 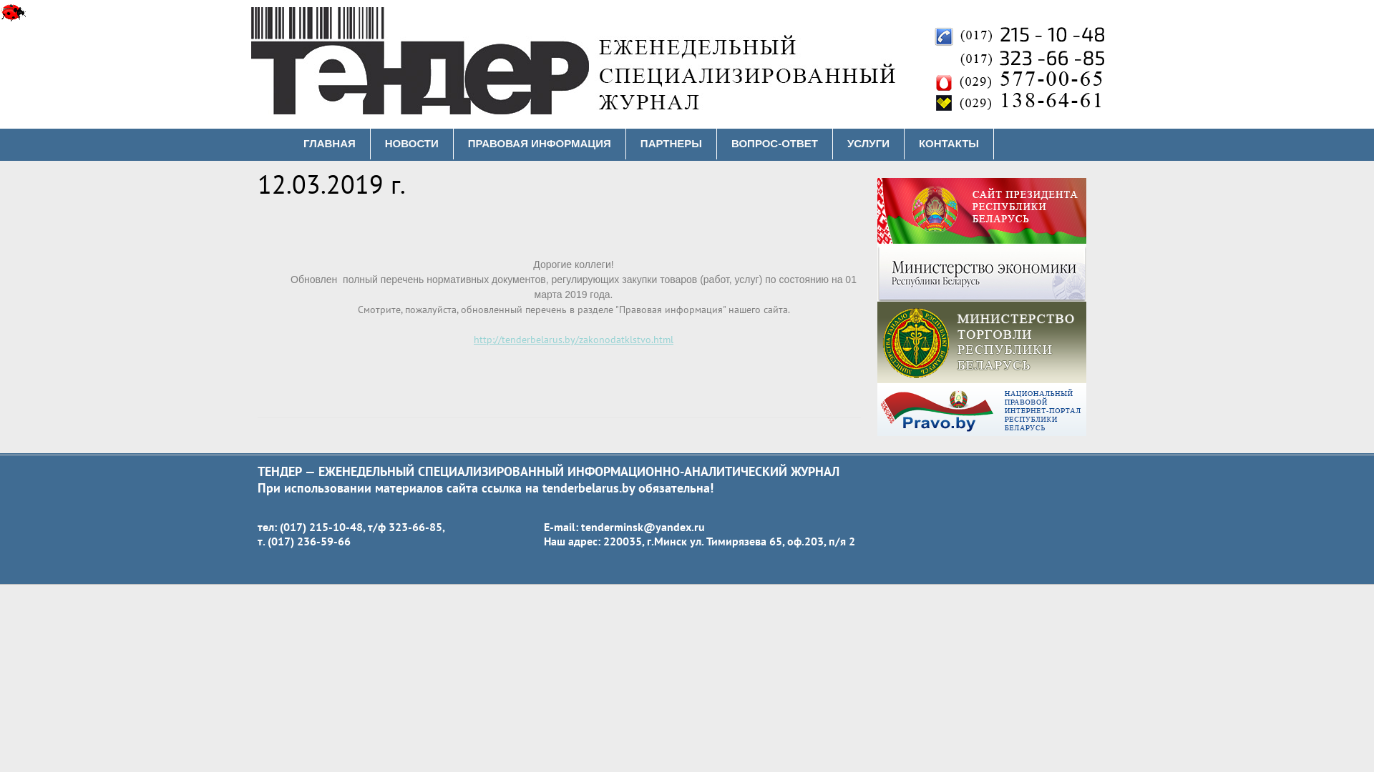 I want to click on 'http://tenderbelarus.by/zakonodatklstvo.html', so click(x=573, y=339).